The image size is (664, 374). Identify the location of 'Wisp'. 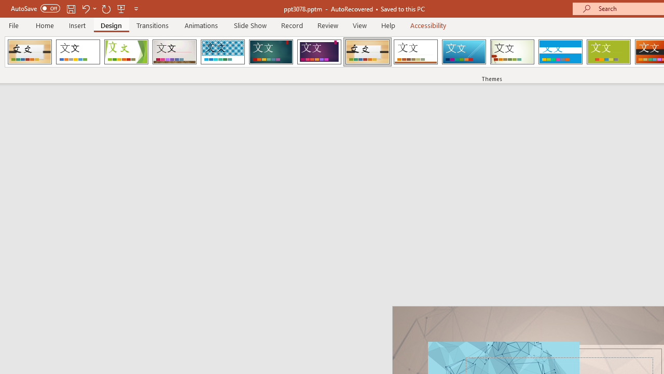
(512, 52).